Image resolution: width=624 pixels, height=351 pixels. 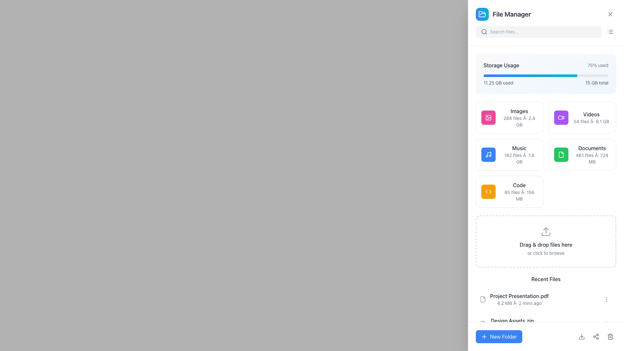 What do you see at coordinates (610, 14) in the screenshot?
I see `the close or cancel icon represented as a gray 'X' in the top-right corner of the application header` at bounding box center [610, 14].